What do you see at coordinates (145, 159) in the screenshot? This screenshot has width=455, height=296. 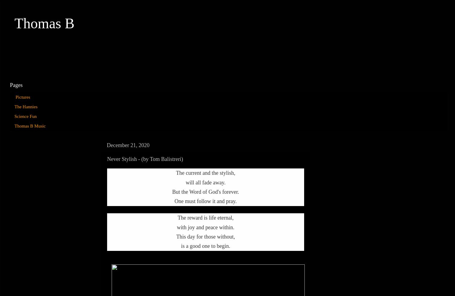 I see `'Never Stylish - (by Tom Balistreri)'` at bounding box center [145, 159].